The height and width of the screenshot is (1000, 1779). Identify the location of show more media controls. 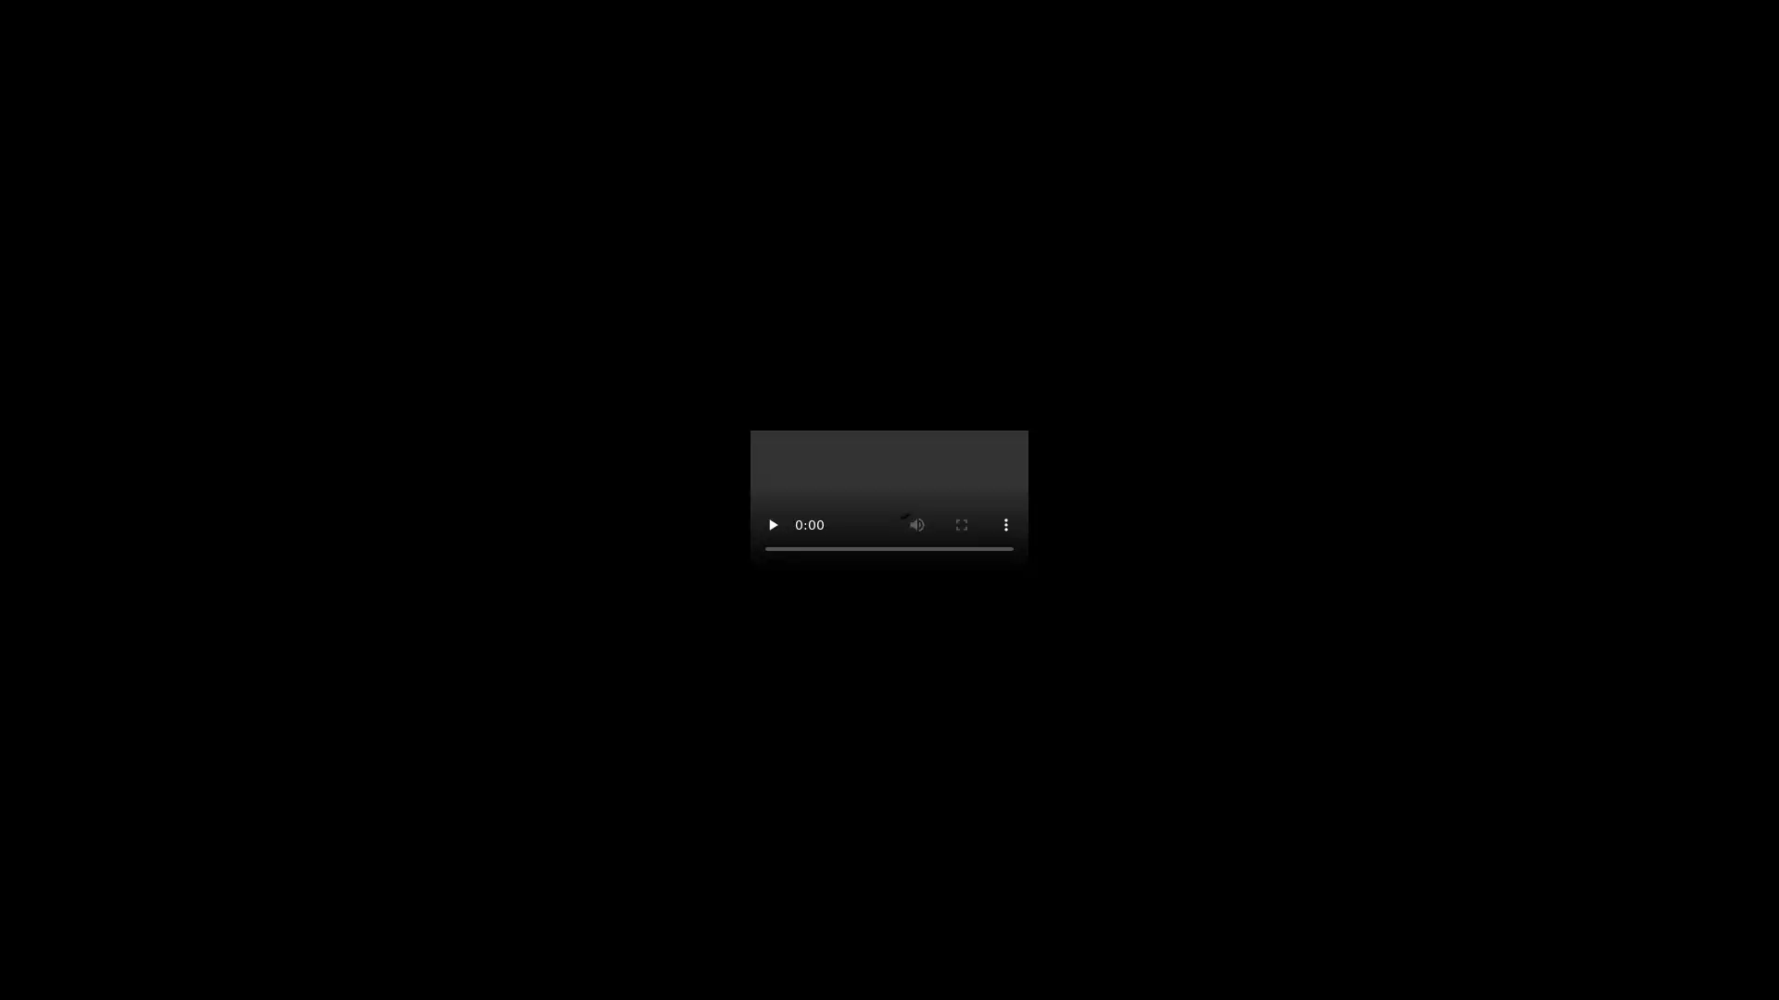
(1004, 525).